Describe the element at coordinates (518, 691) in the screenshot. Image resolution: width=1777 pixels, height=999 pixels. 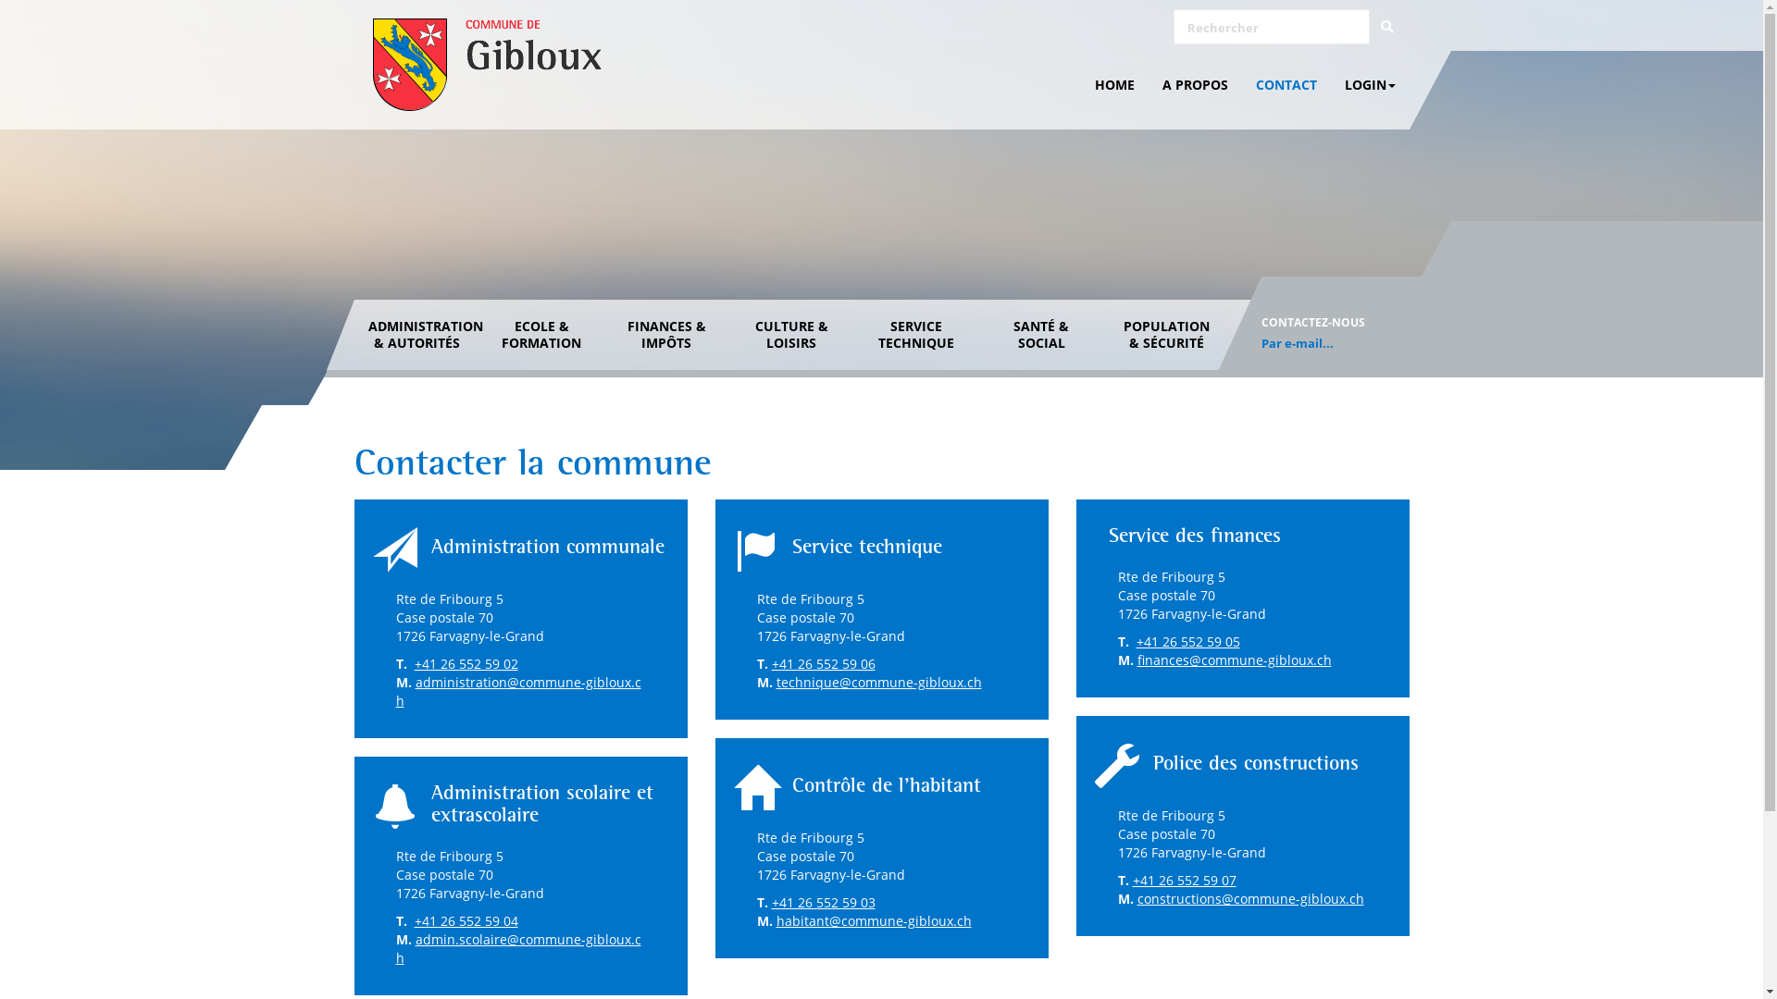
I see `'administration@commune-gibloux.ch'` at that location.